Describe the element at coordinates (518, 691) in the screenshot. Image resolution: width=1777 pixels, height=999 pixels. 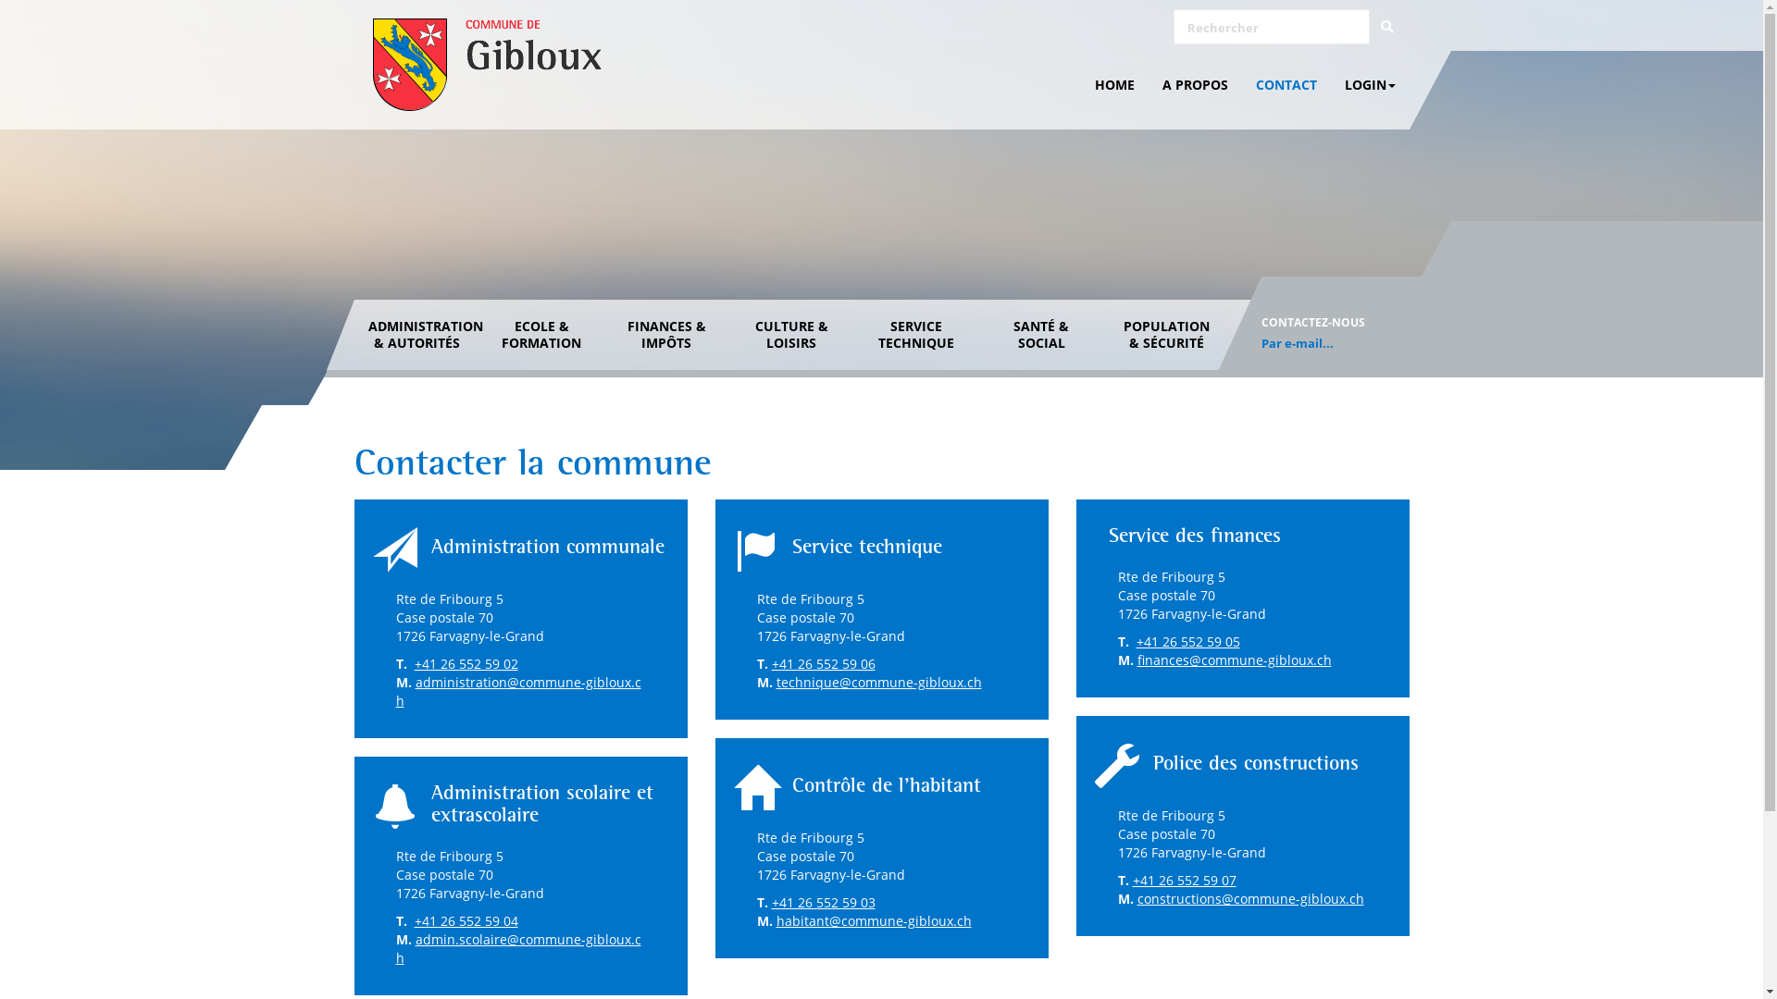
I see `'administration@commune-gibloux.ch'` at that location.